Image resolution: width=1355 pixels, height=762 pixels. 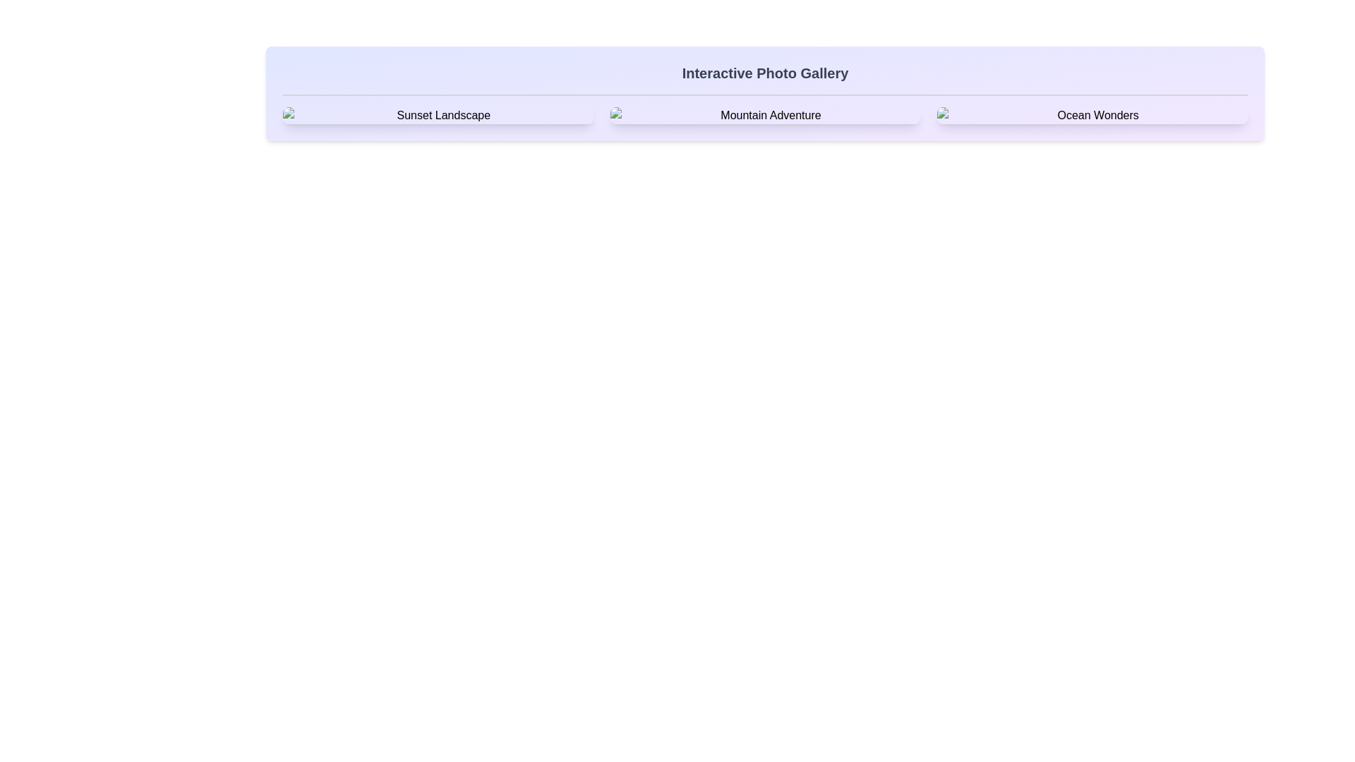 What do you see at coordinates (437, 131) in the screenshot?
I see `the 'Like' button in the Button group located below the title 'Sunset Landscape' to express liking for the content` at bounding box center [437, 131].